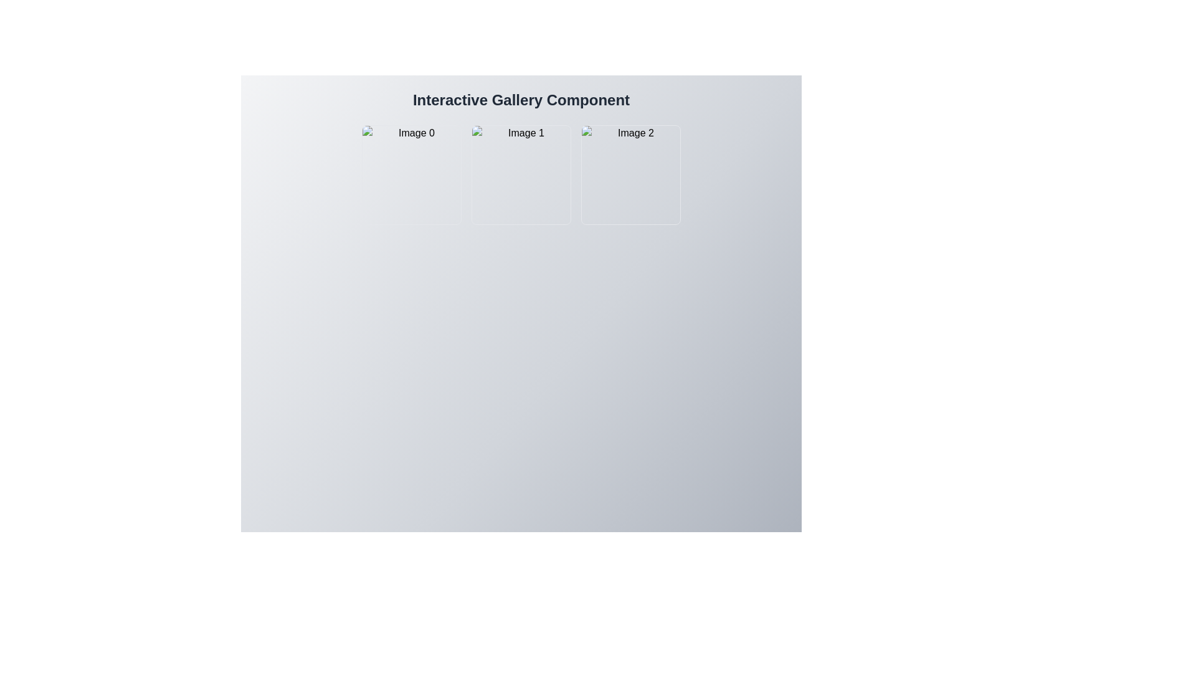  What do you see at coordinates (630, 175) in the screenshot?
I see `the Image tile styled with an image placeholder and titled 'Image 3', which is the third tile in the grid layout` at bounding box center [630, 175].